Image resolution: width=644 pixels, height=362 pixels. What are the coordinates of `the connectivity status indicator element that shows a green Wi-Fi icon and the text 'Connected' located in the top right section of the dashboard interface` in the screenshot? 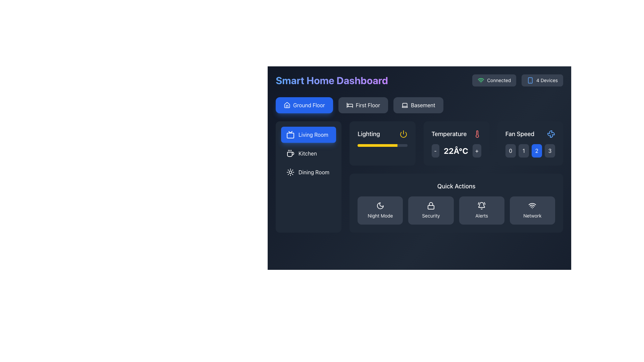 It's located at (494, 80).